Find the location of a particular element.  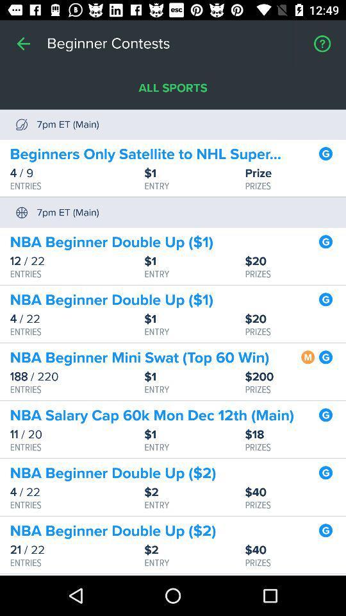

item above beginners only satellite item is located at coordinates (173, 87).